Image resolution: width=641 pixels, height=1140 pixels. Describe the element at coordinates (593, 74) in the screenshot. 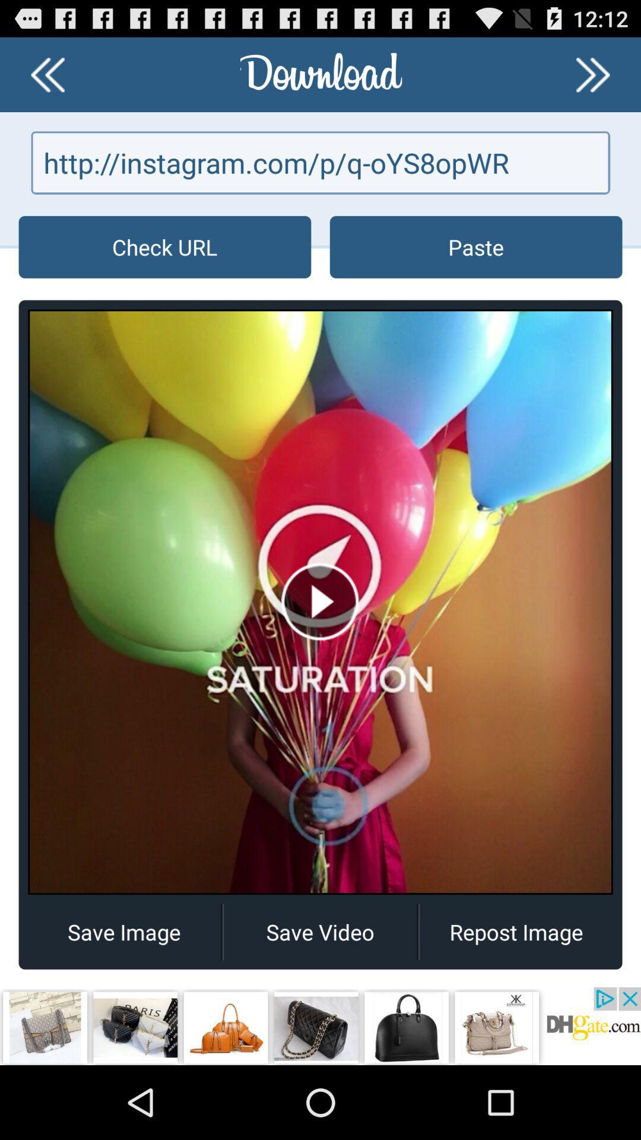

I see `a link to move forward` at that location.